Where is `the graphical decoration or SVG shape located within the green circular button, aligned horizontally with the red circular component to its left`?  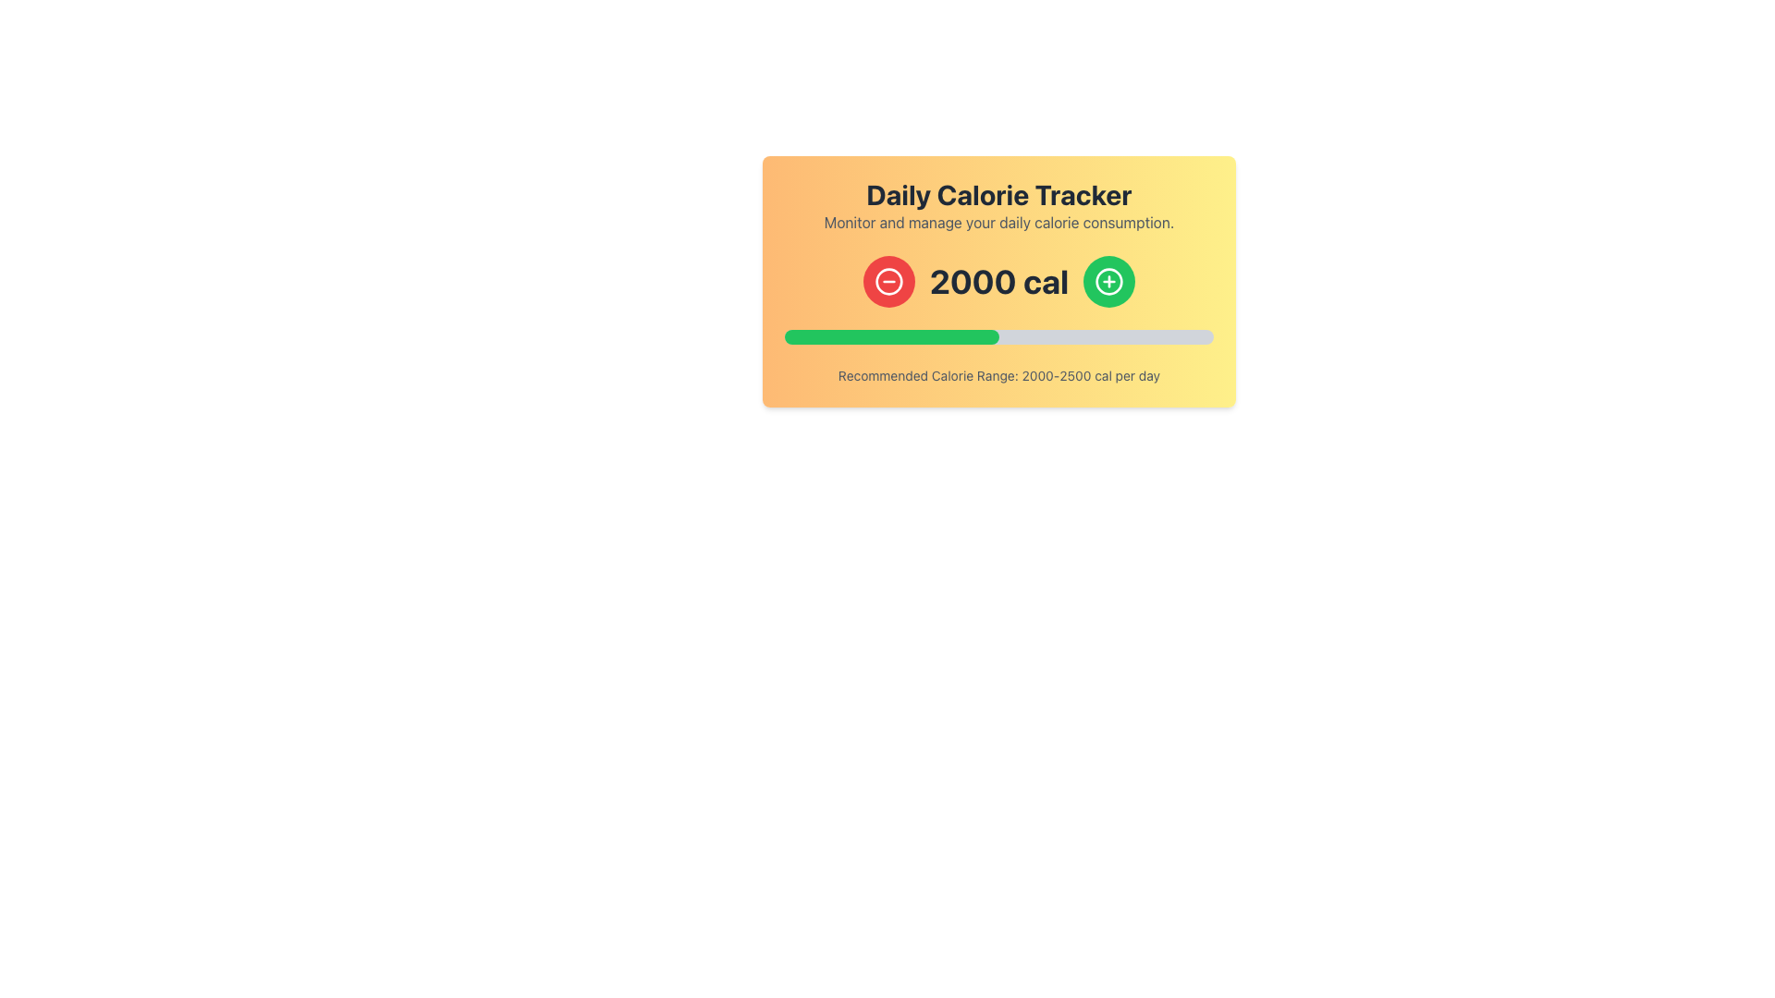
the graphical decoration or SVG shape located within the green circular button, aligned horizontally with the red circular component to its left is located at coordinates (1109, 281).